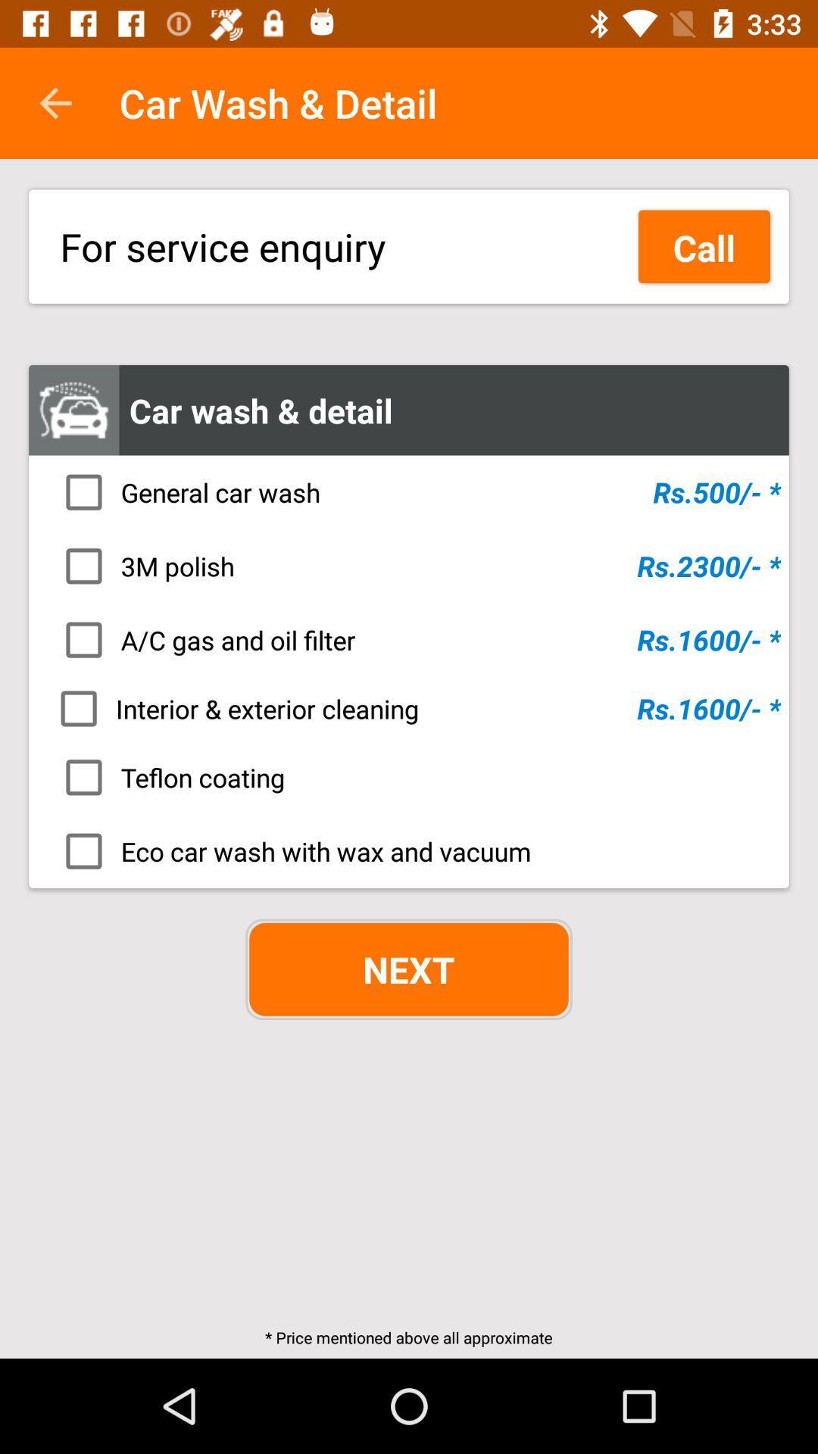 The image size is (818, 1454). What do you see at coordinates (414, 777) in the screenshot?
I see `icon below interior & exterior cleaning icon` at bounding box center [414, 777].